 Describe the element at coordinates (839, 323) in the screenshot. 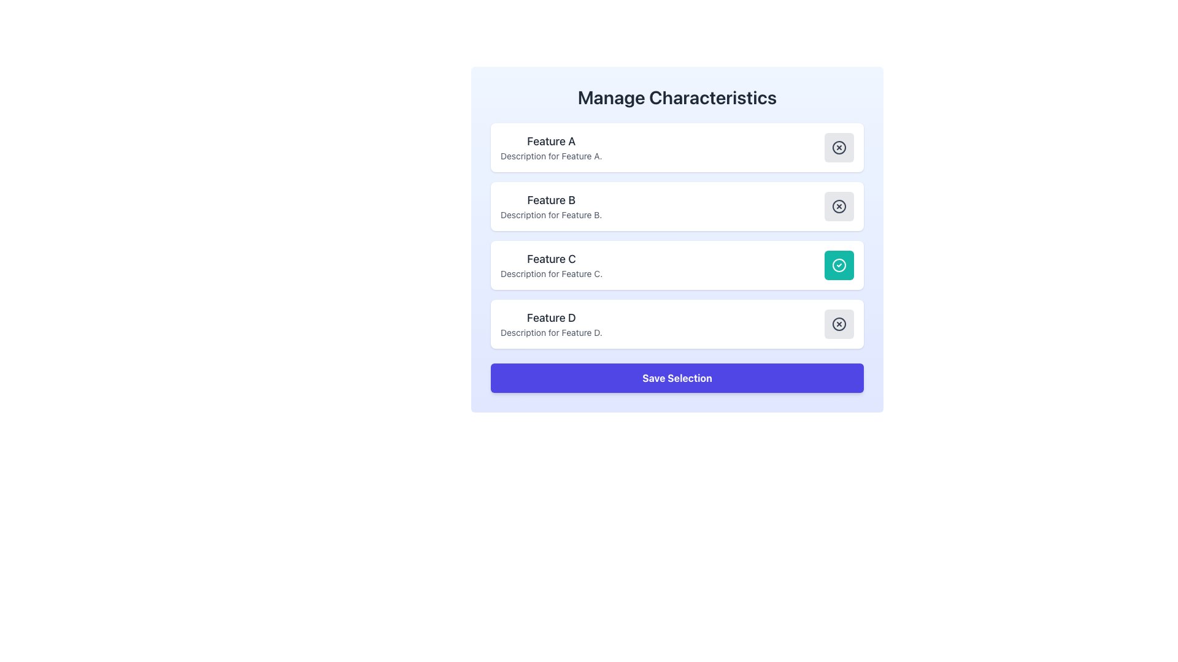

I see `the graphical icon with a dark gray 'X' mark inside a circular outline, located to the far-right side of the 'Feature D' section` at that location.